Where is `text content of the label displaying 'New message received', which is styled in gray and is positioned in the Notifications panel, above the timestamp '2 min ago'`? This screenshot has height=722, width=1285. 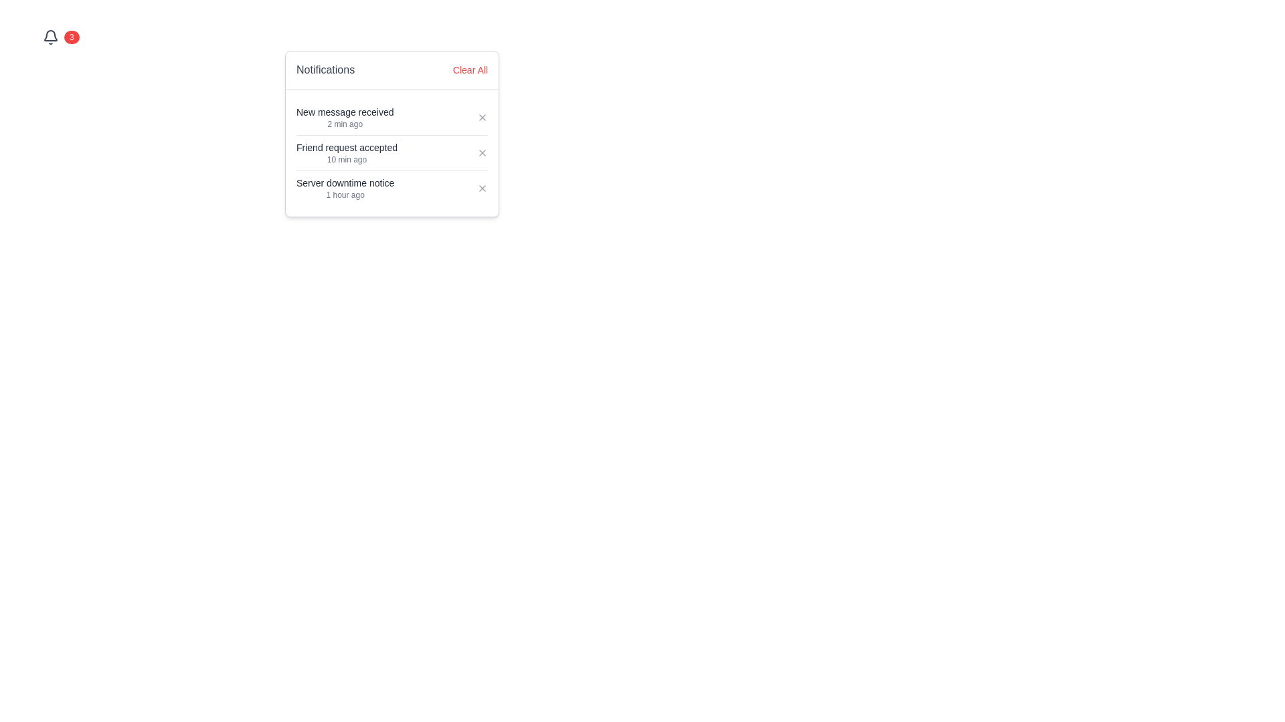 text content of the label displaying 'New message received', which is styled in gray and is positioned in the Notifications panel, above the timestamp '2 min ago' is located at coordinates (345, 112).